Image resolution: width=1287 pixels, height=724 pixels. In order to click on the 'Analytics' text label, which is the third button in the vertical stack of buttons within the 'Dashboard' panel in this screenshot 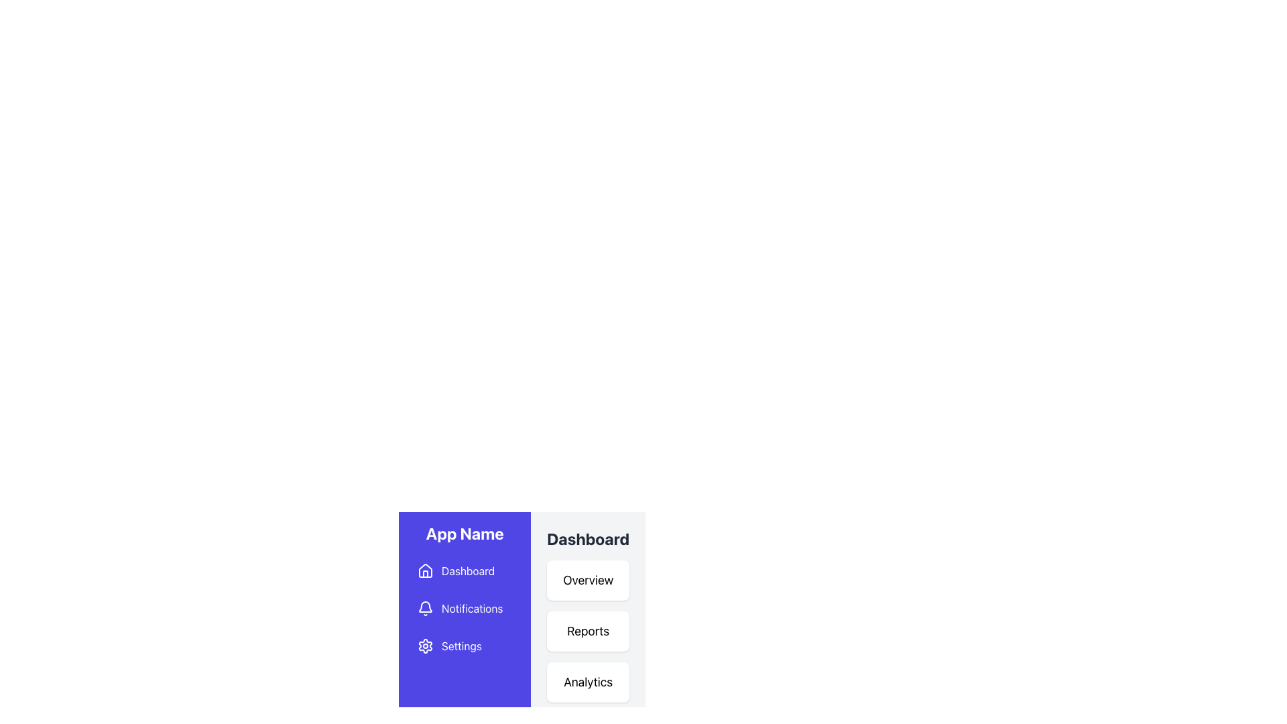, I will do `click(588, 682)`.